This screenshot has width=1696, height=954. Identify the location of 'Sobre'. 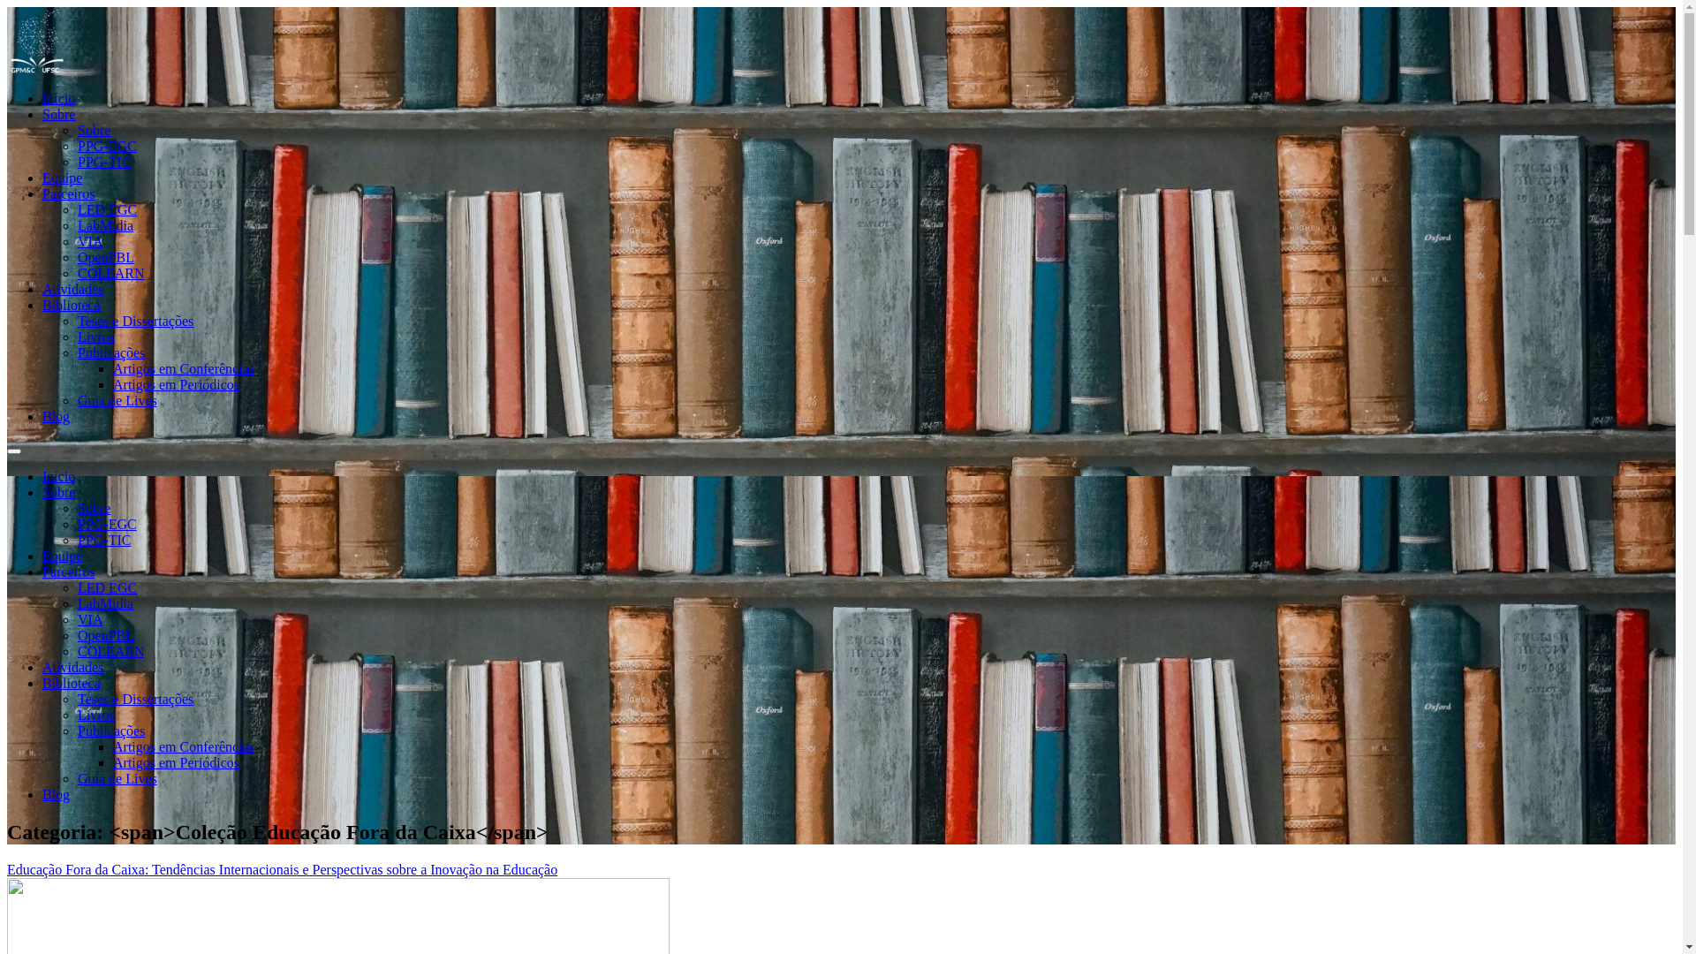
(93, 508).